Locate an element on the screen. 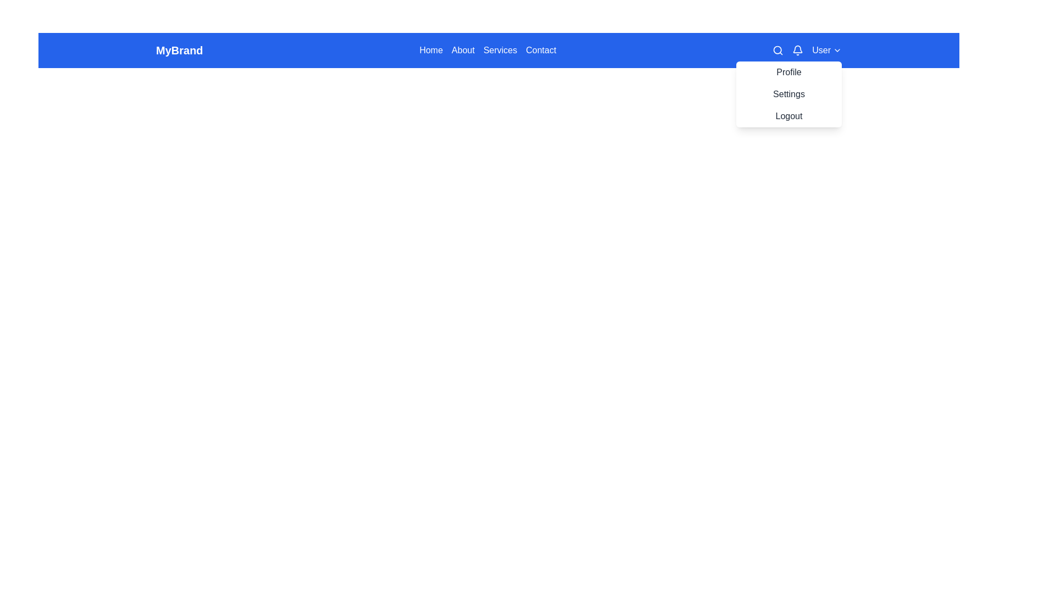  the navigational link labeled 'Services' to visualize an underline effect is located at coordinates (499, 51).